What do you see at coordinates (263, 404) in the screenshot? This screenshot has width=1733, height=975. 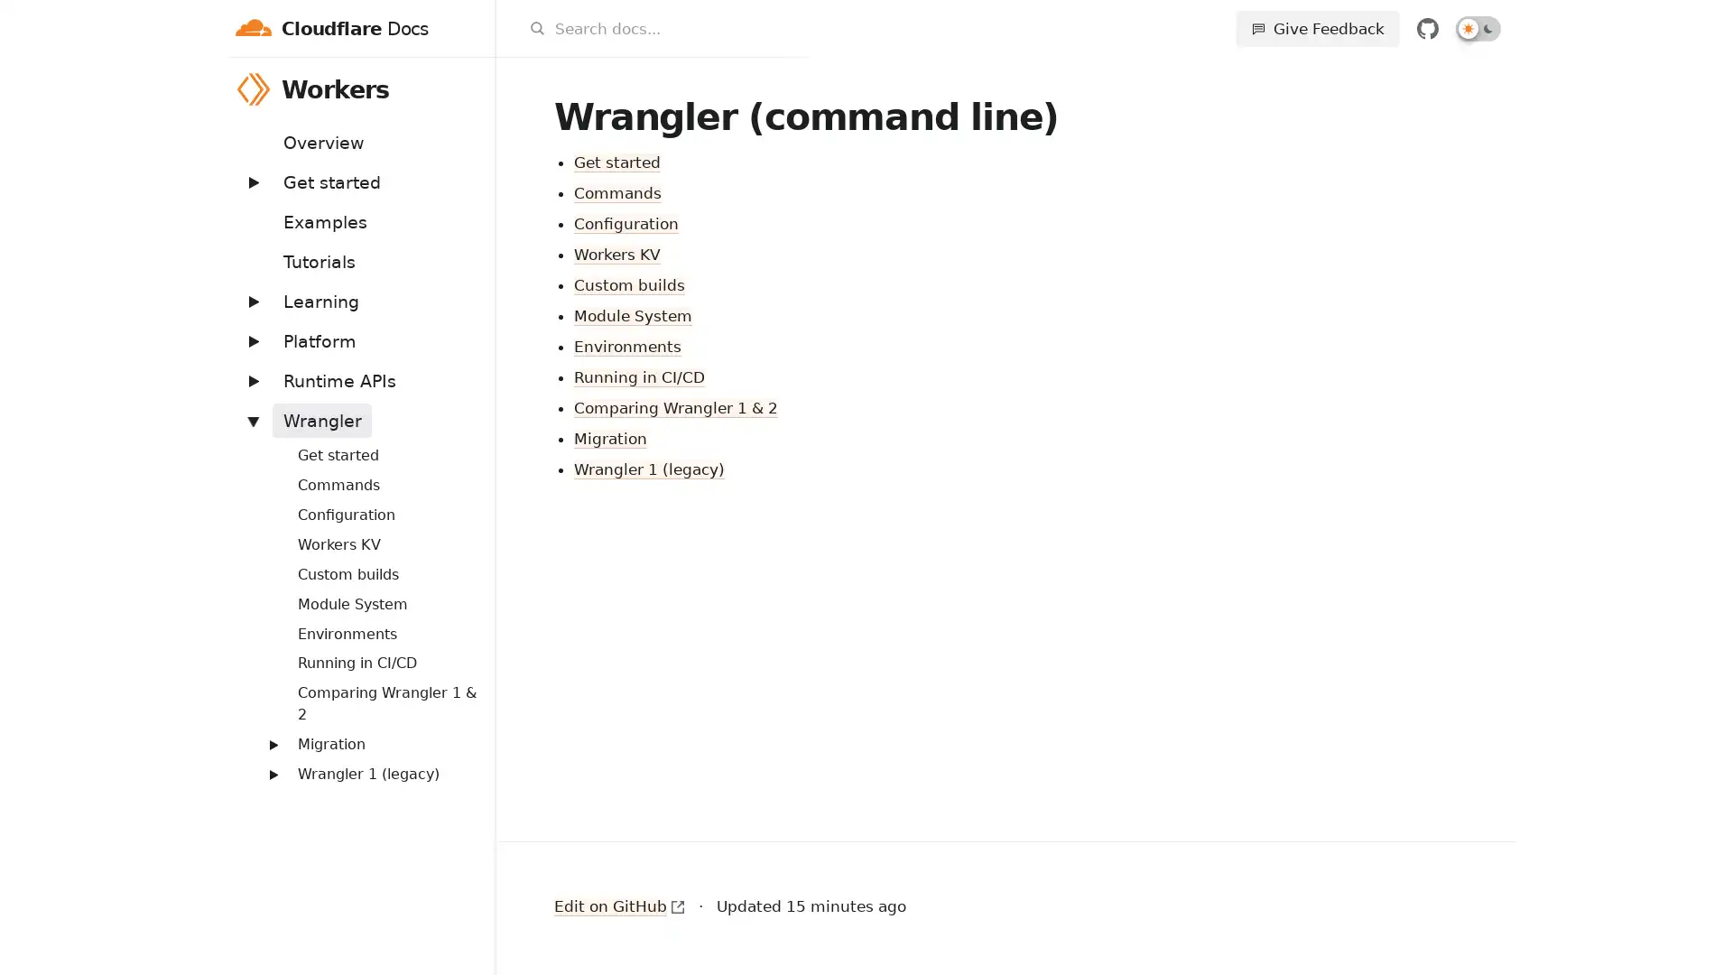 I see `Expand: Bindings` at bounding box center [263, 404].